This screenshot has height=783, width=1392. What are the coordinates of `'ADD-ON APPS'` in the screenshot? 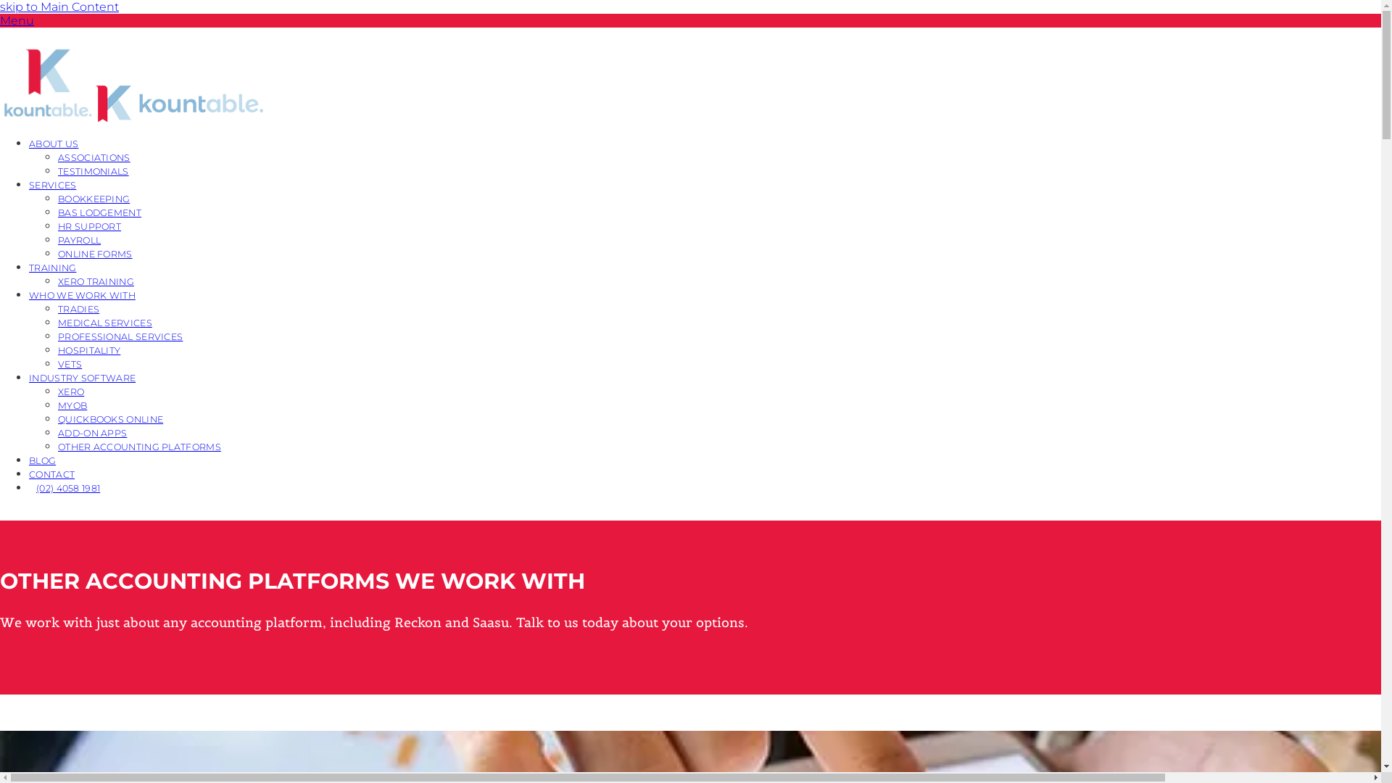 It's located at (91, 431).